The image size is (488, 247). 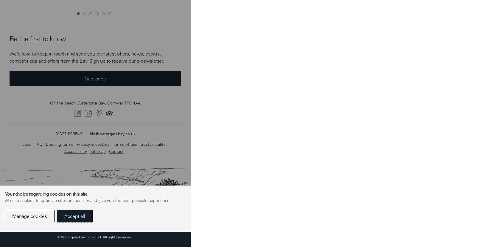 I want to click on 'Sustainability', so click(x=152, y=12).